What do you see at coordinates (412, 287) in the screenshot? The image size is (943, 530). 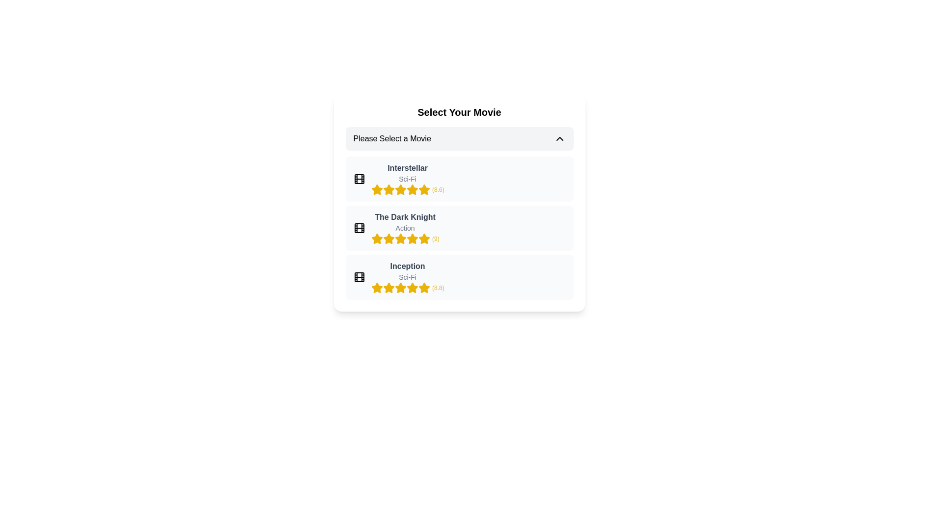 I see `the state of the seventh yellow star icon in the rating system for the movie 'Inception', which is located in a dropdown menu titled 'Select Your Movie'` at bounding box center [412, 287].